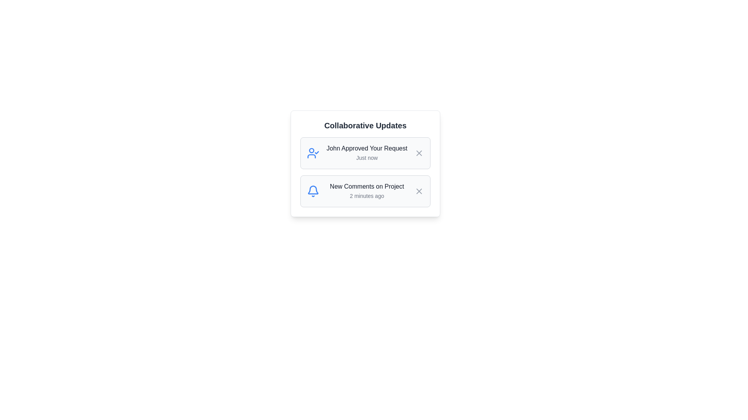 The width and height of the screenshot is (748, 420). Describe the element at coordinates (418, 153) in the screenshot. I see `the small gray button with an 'X' icon on the right side of the notification titled 'John Approved Your Request'` at that location.